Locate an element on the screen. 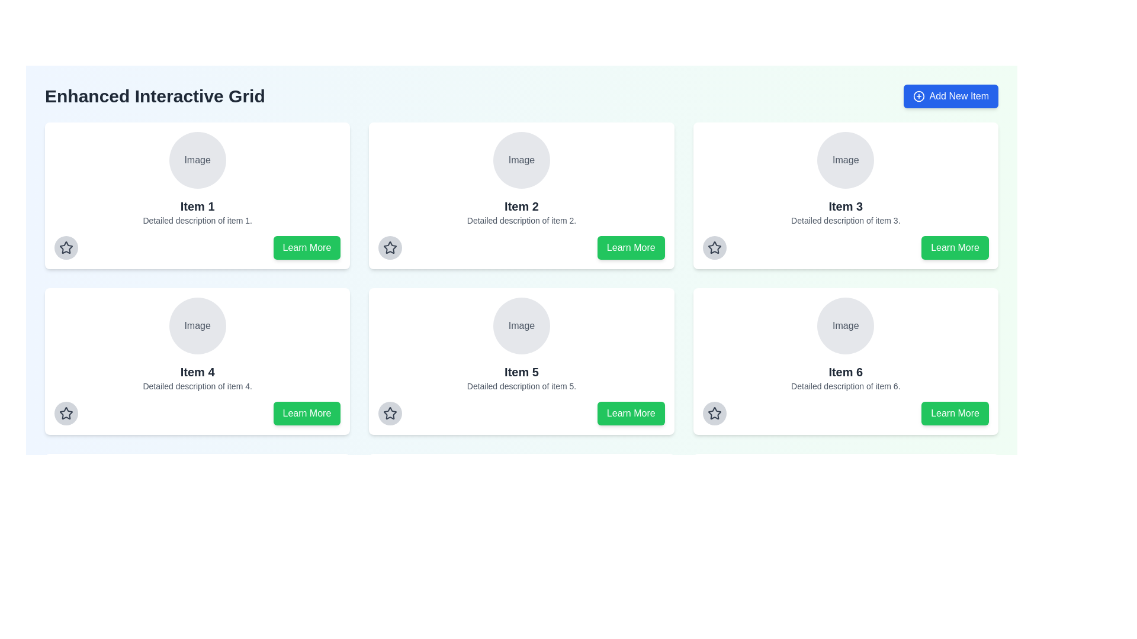 The width and height of the screenshot is (1137, 639). the star-shaped icon located at the bottom-left corner of the 'Item 4' card is located at coordinates (65, 247).